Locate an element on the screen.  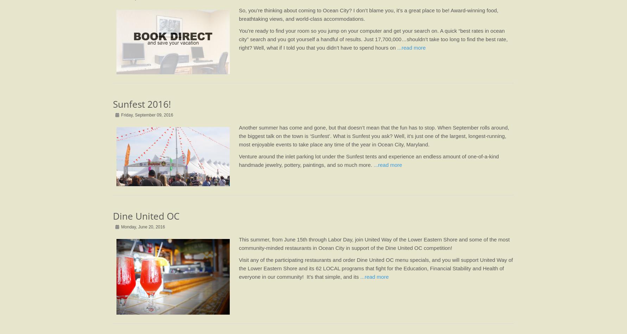
'Dine United OC' is located at coordinates (146, 215).